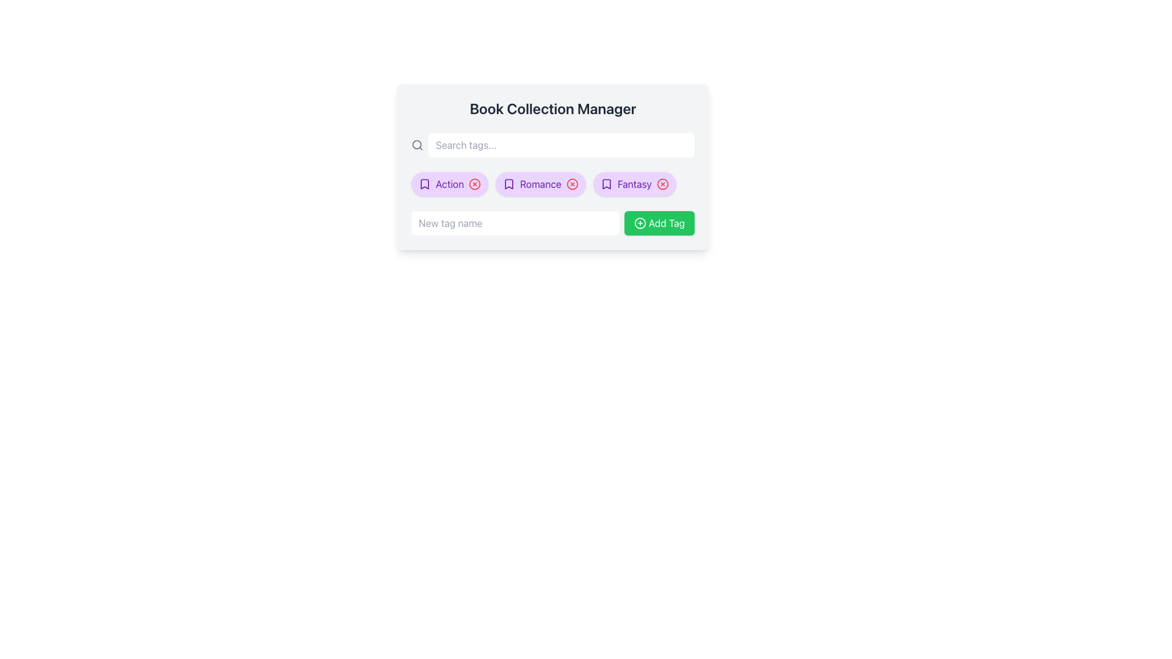 The image size is (1172, 659). I want to click on the bookmark icon on the 'Romance' category tag, which is a pill-shaped item with a light purple background and bold dark purple text, located below the search bar, so click(540, 184).